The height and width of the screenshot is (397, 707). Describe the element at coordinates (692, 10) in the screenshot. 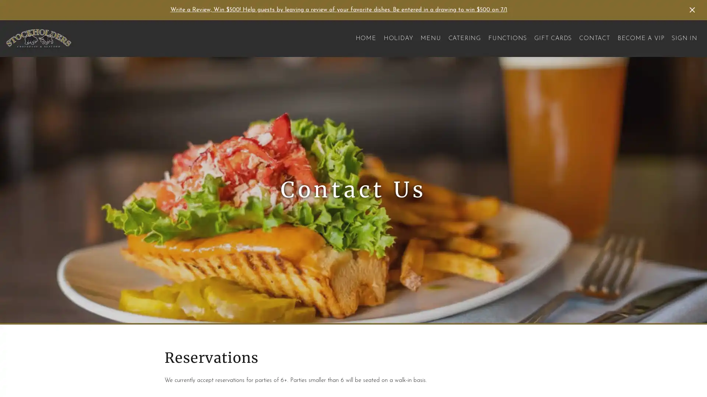

I see `Dismiss Announcement` at that location.